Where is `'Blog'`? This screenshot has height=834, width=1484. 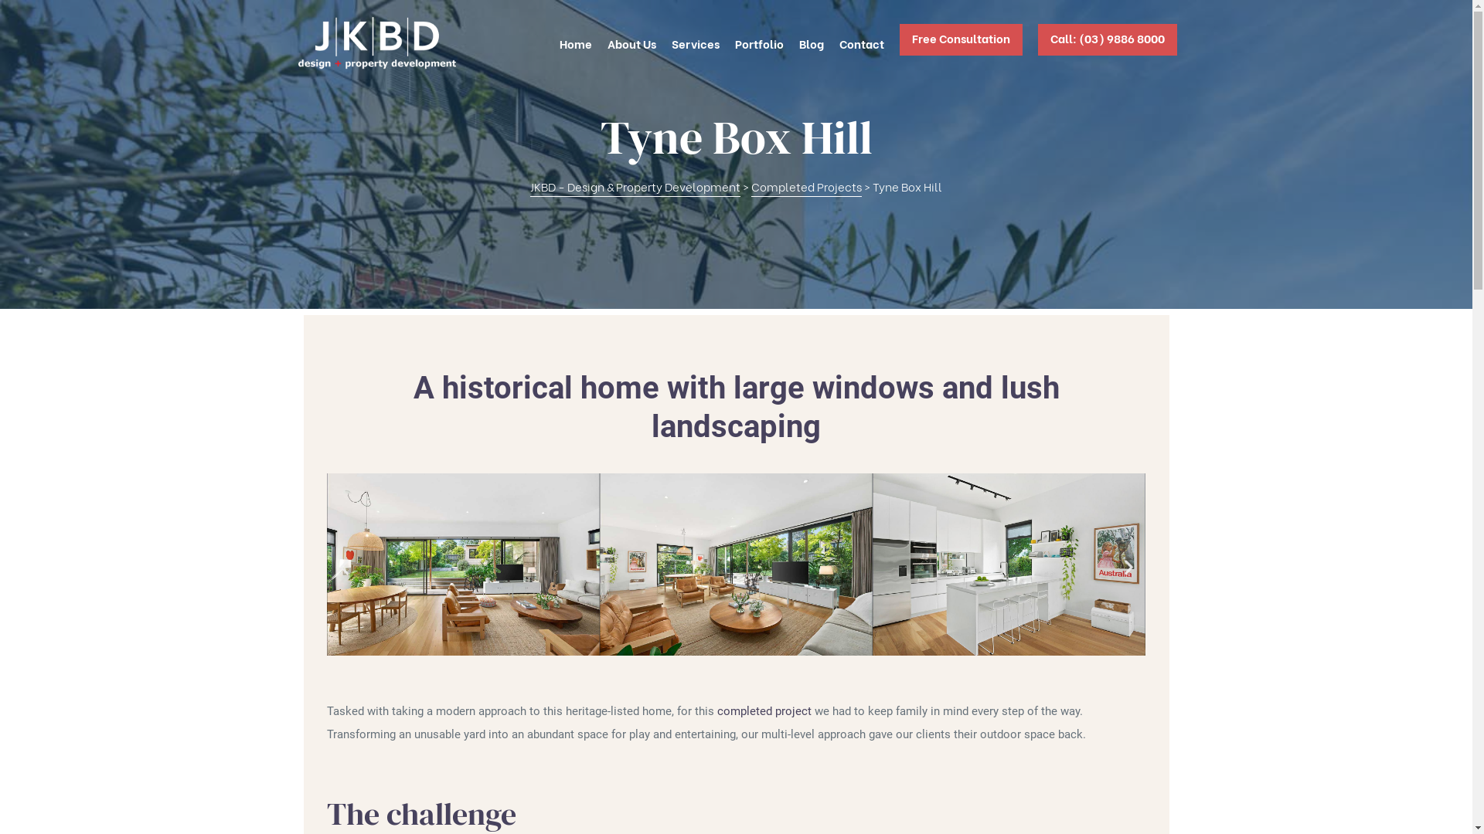 'Blog' is located at coordinates (798, 42).